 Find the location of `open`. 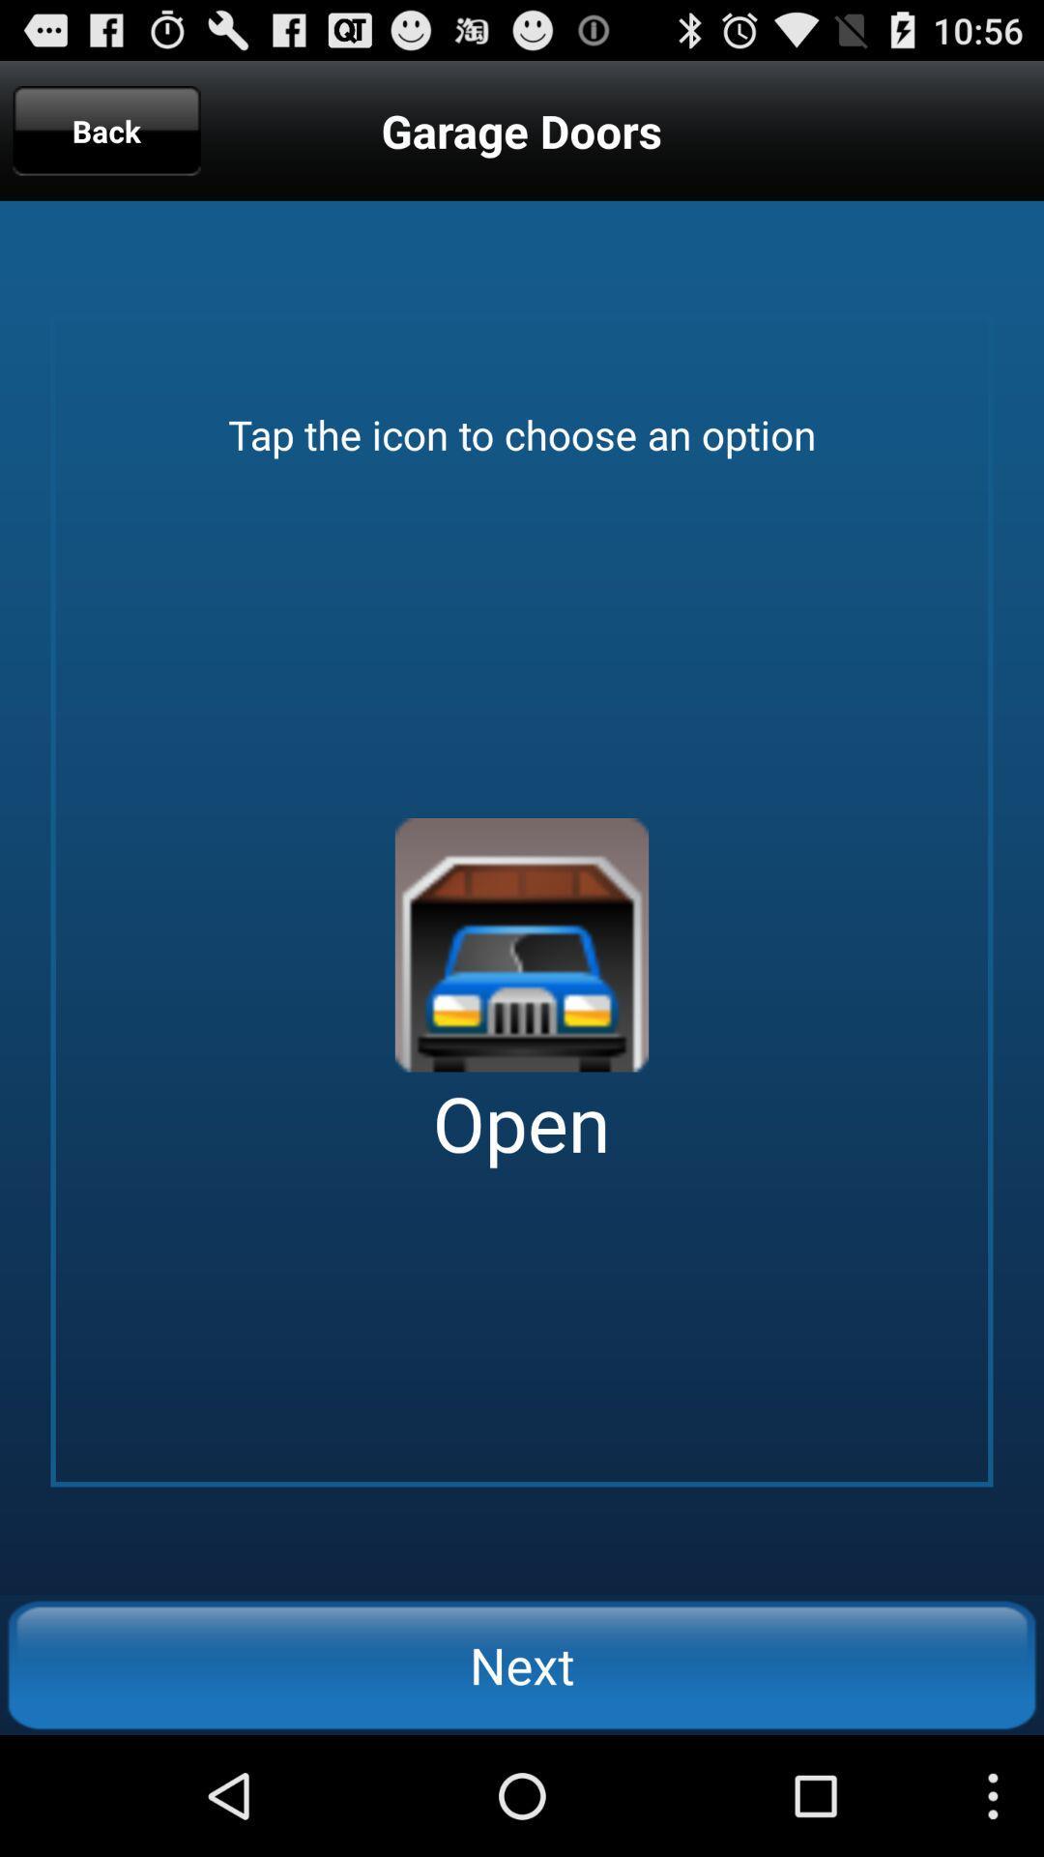

open is located at coordinates (522, 945).